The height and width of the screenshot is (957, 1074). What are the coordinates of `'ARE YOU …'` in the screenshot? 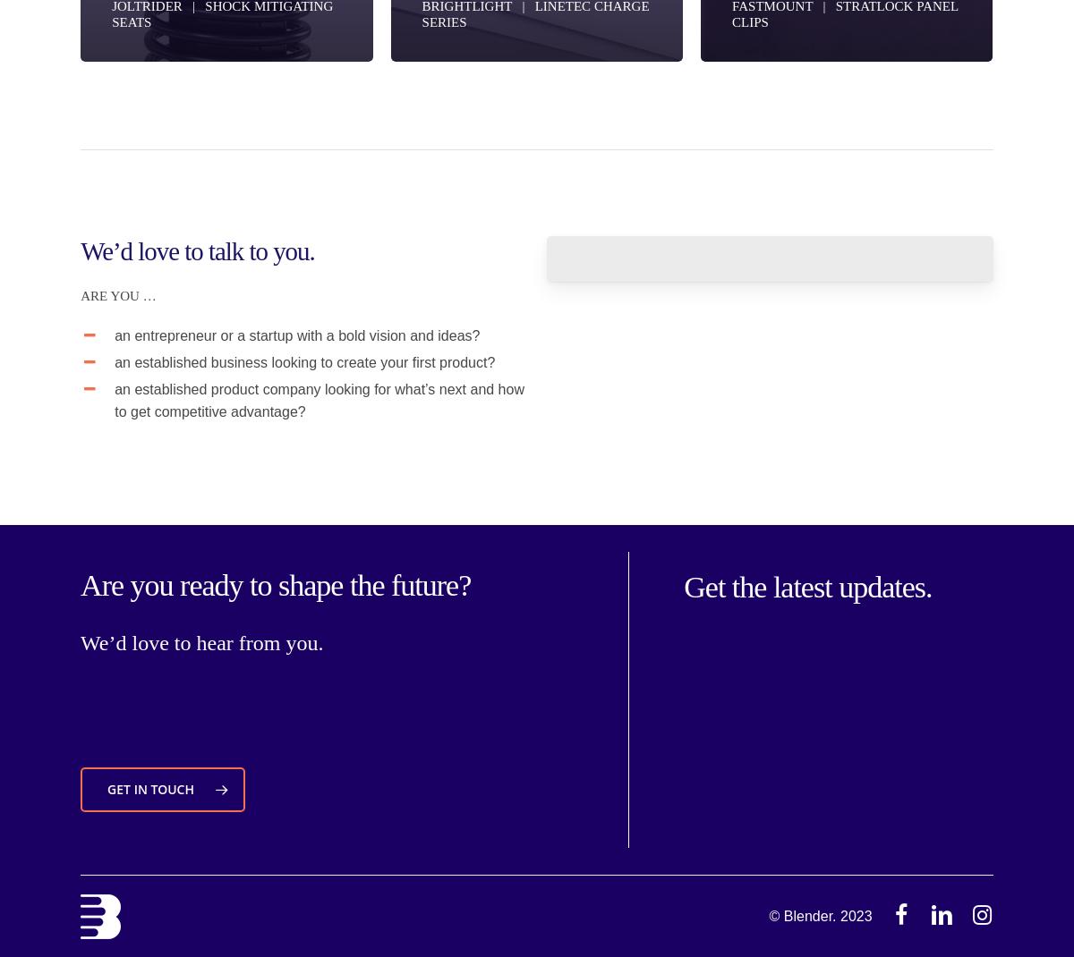 It's located at (118, 295).